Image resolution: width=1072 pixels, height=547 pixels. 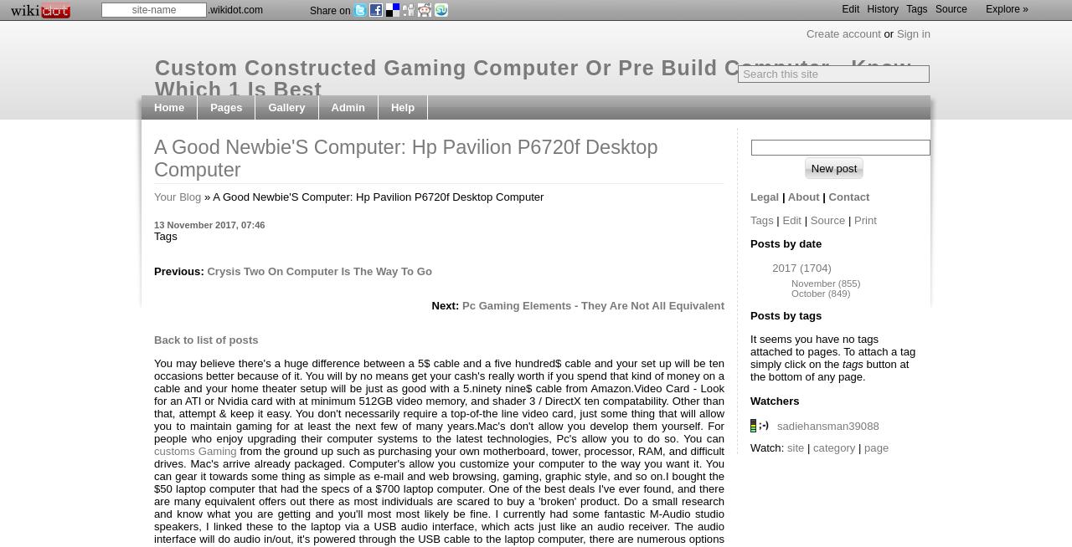 I want to click on 'Posts by date', so click(x=785, y=243).